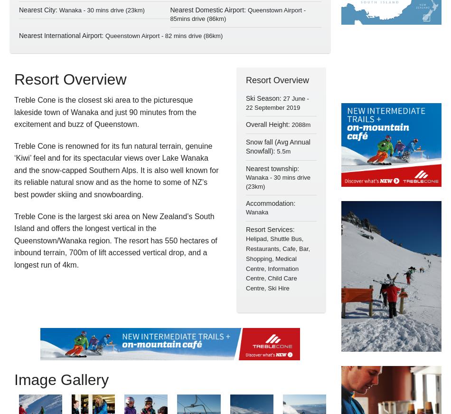 The height and width of the screenshot is (414, 451). I want to click on 'Image Gallery', so click(61, 379).